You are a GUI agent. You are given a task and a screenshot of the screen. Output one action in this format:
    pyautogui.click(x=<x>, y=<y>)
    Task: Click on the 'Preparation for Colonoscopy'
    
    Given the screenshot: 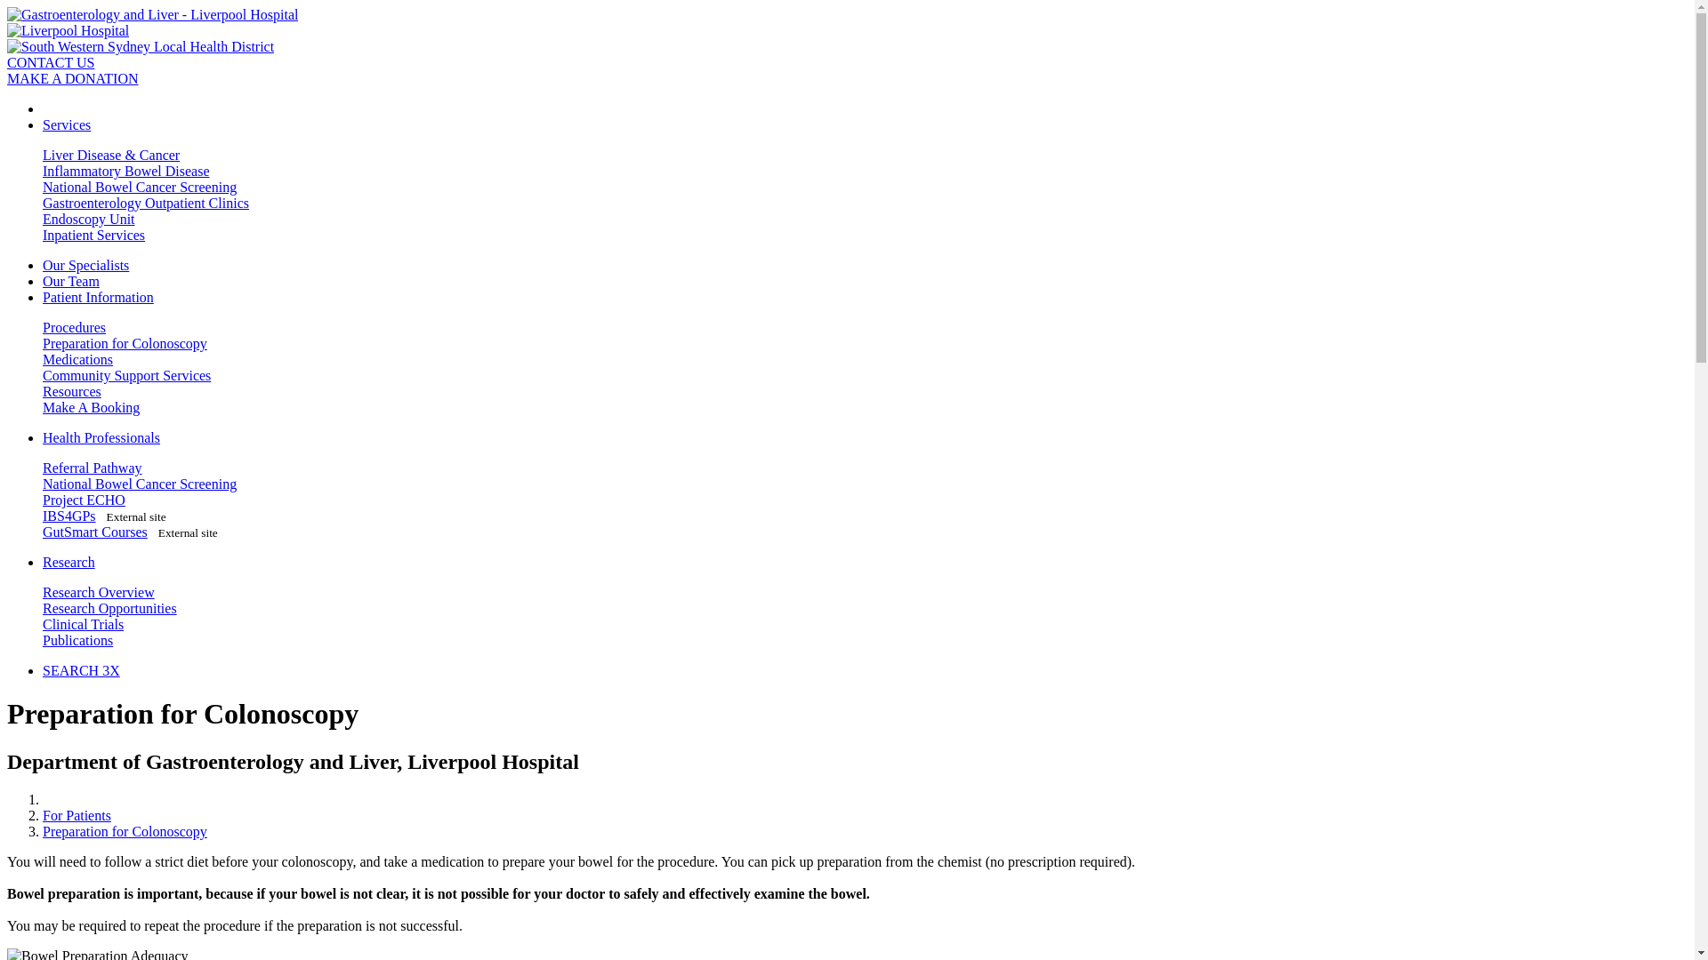 What is the action you would take?
    pyautogui.click(x=124, y=343)
    